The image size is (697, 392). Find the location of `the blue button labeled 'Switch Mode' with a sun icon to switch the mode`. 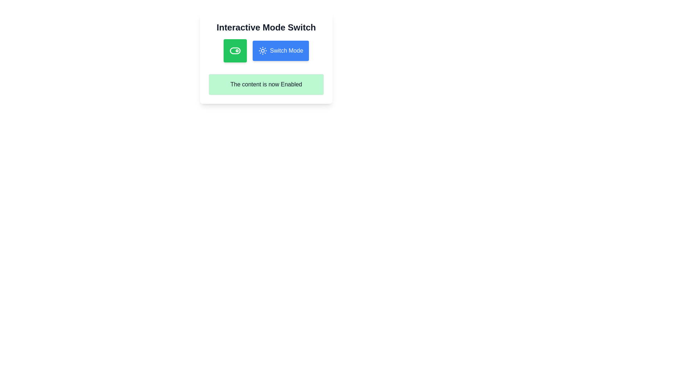

the blue button labeled 'Switch Mode' with a sun icon to switch the mode is located at coordinates (280, 50).